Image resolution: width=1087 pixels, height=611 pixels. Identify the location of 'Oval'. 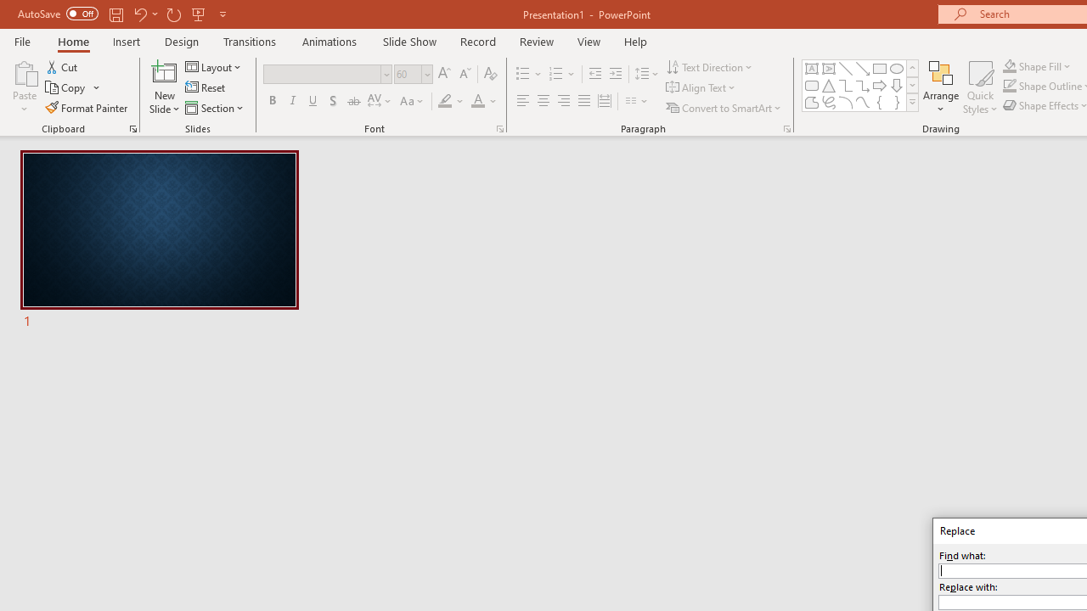
(896, 68).